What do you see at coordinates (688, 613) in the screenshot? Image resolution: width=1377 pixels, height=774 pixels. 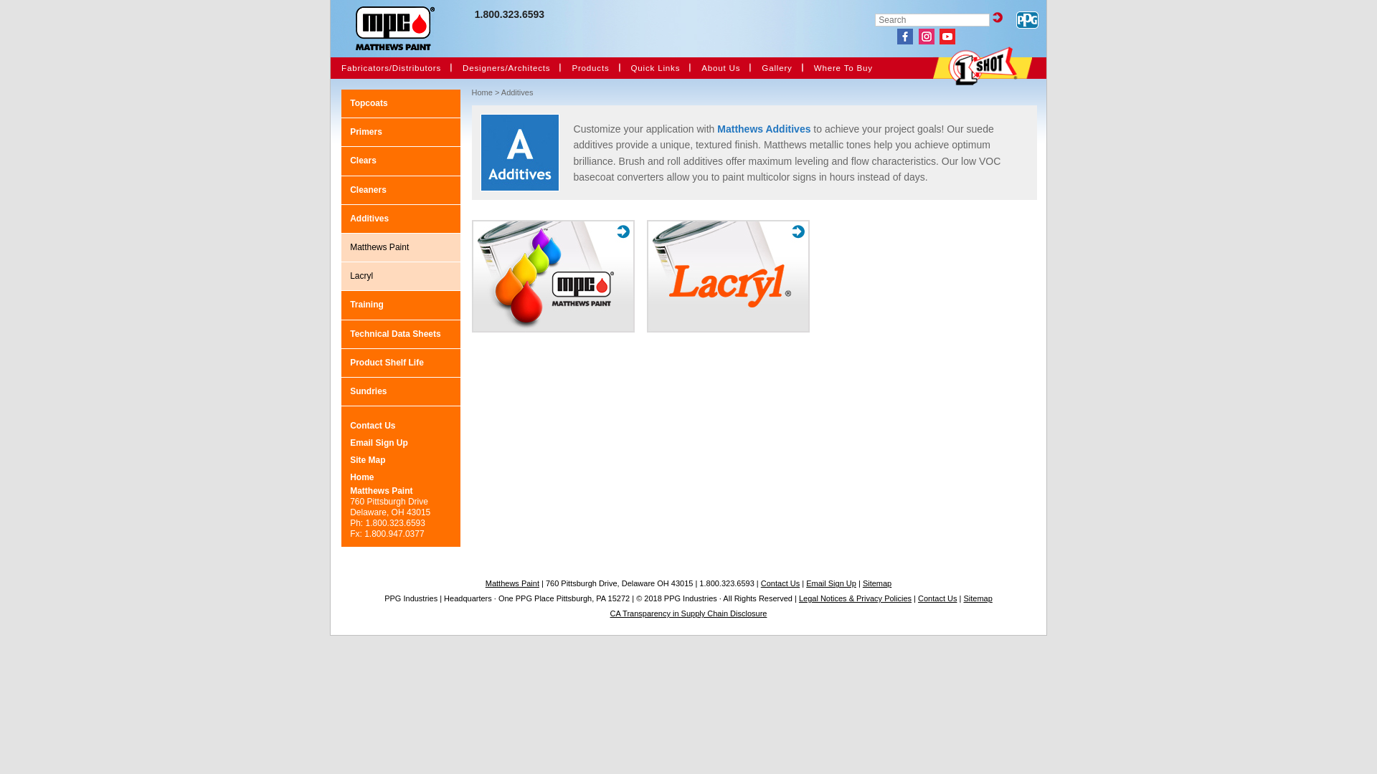 I see `'CA Transparency in Supply Chain Disclosure'` at bounding box center [688, 613].